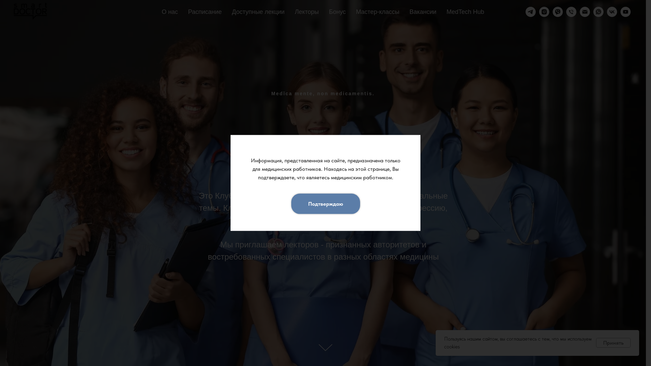  What do you see at coordinates (446, 12) in the screenshot?
I see `'MedTech Hub'` at bounding box center [446, 12].